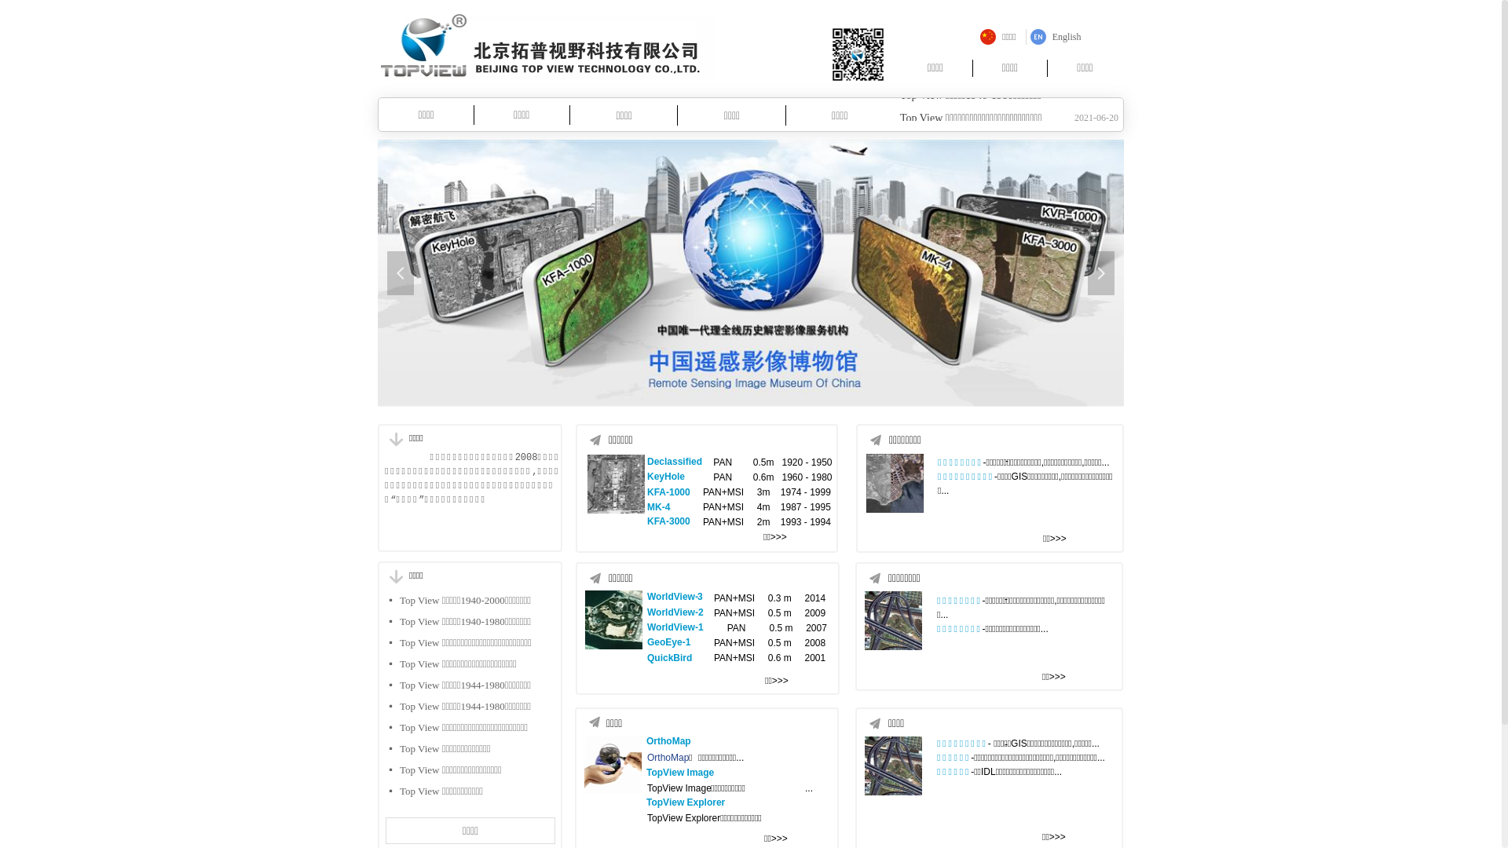 Image resolution: width=1508 pixels, height=848 pixels. Describe the element at coordinates (670, 657) in the screenshot. I see `'QuickBird'` at that location.